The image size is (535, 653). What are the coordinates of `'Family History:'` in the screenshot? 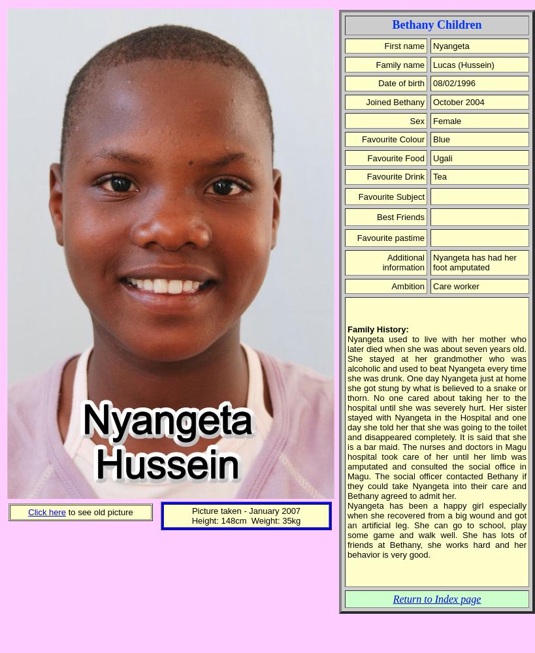 It's located at (378, 329).